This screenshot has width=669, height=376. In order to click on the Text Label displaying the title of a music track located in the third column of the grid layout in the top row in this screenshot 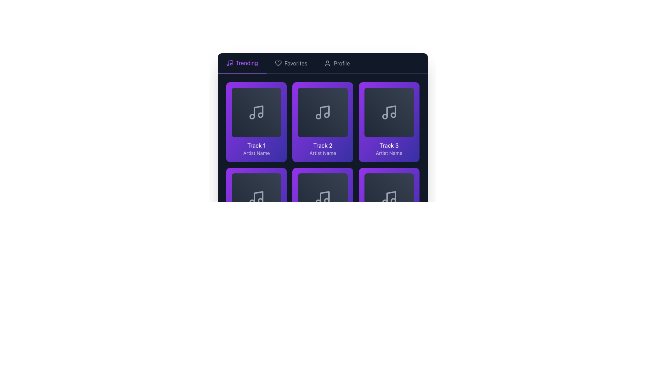, I will do `click(389, 145)`.